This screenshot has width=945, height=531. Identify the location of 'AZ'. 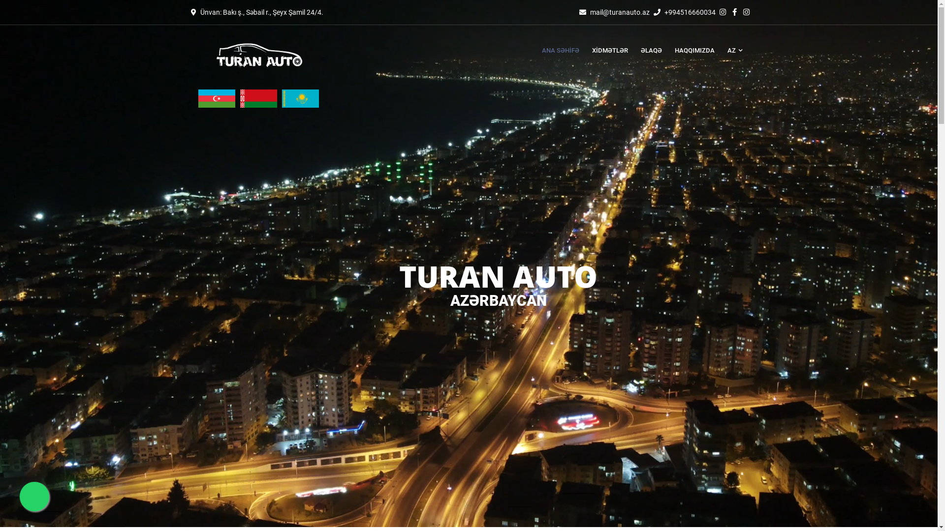
(731, 51).